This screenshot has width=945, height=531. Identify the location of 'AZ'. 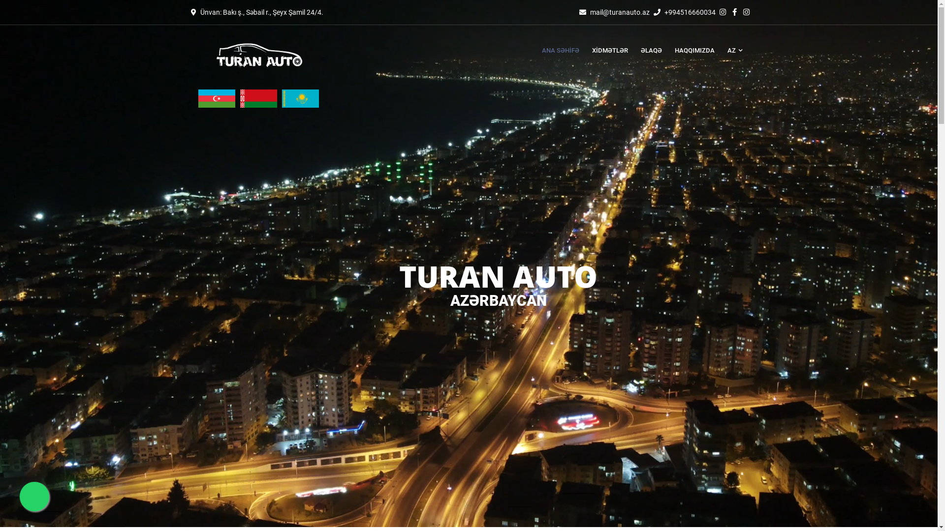
(731, 51).